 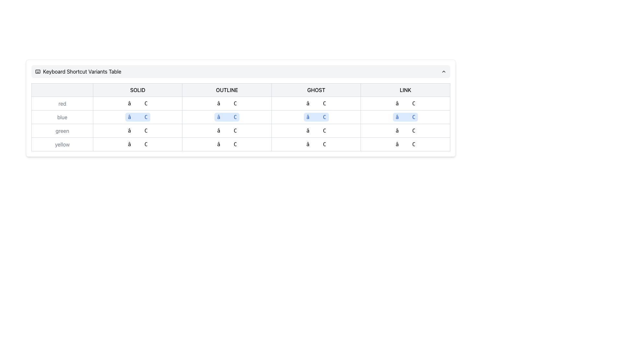 What do you see at coordinates (62, 117) in the screenshot?
I see `the label element containing the text 'blue', which is styled with a light gray font and located in the first column of the second row under the 'red' row in the color options table` at bounding box center [62, 117].